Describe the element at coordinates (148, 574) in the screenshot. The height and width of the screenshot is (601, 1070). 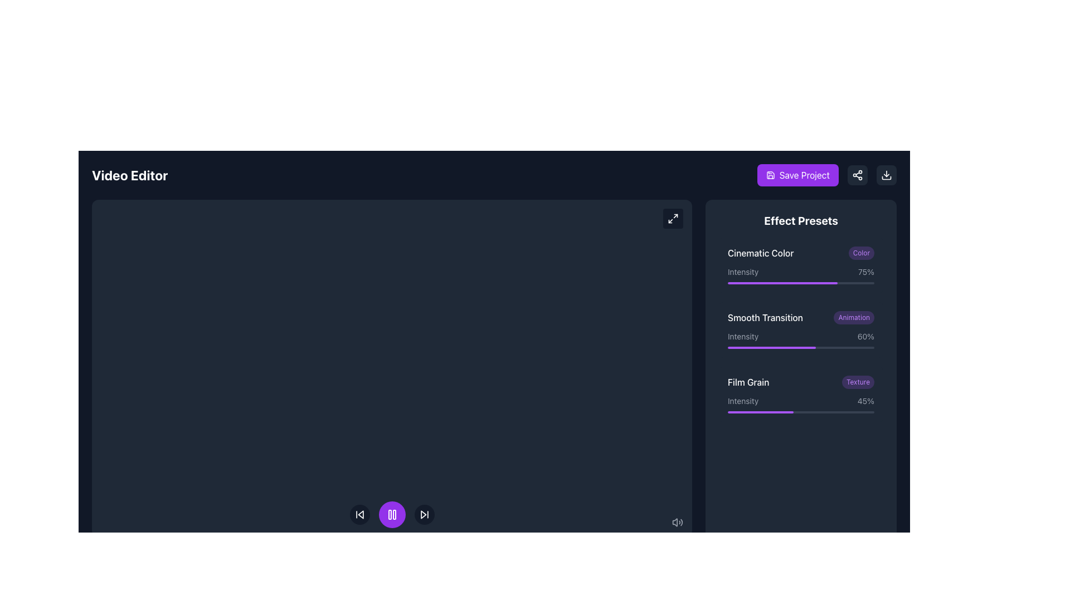
I see `the video track management button located at the bottom-left section of the interface` at that location.